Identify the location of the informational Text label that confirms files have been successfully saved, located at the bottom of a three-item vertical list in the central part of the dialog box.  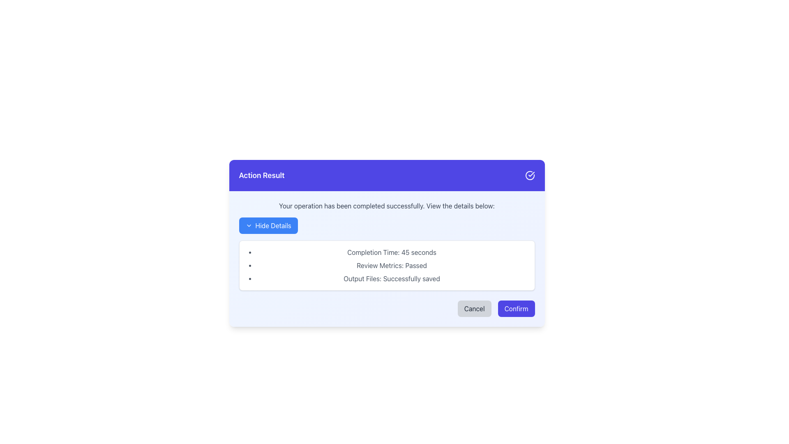
(391, 278).